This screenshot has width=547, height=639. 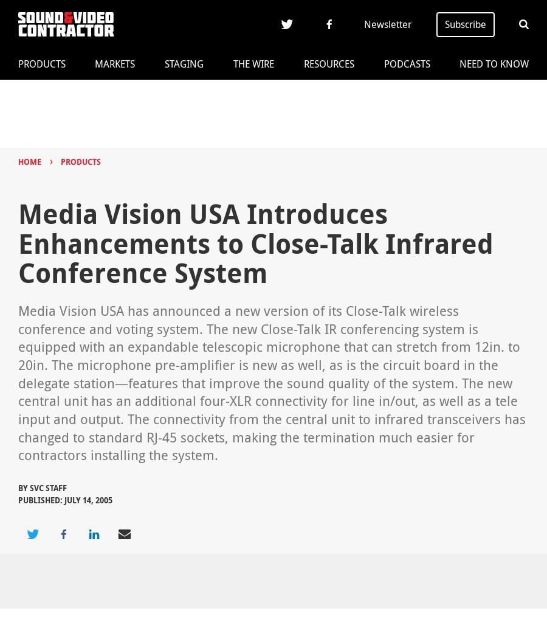 What do you see at coordinates (388, 24) in the screenshot?
I see `'Newsletter'` at bounding box center [388, 24].